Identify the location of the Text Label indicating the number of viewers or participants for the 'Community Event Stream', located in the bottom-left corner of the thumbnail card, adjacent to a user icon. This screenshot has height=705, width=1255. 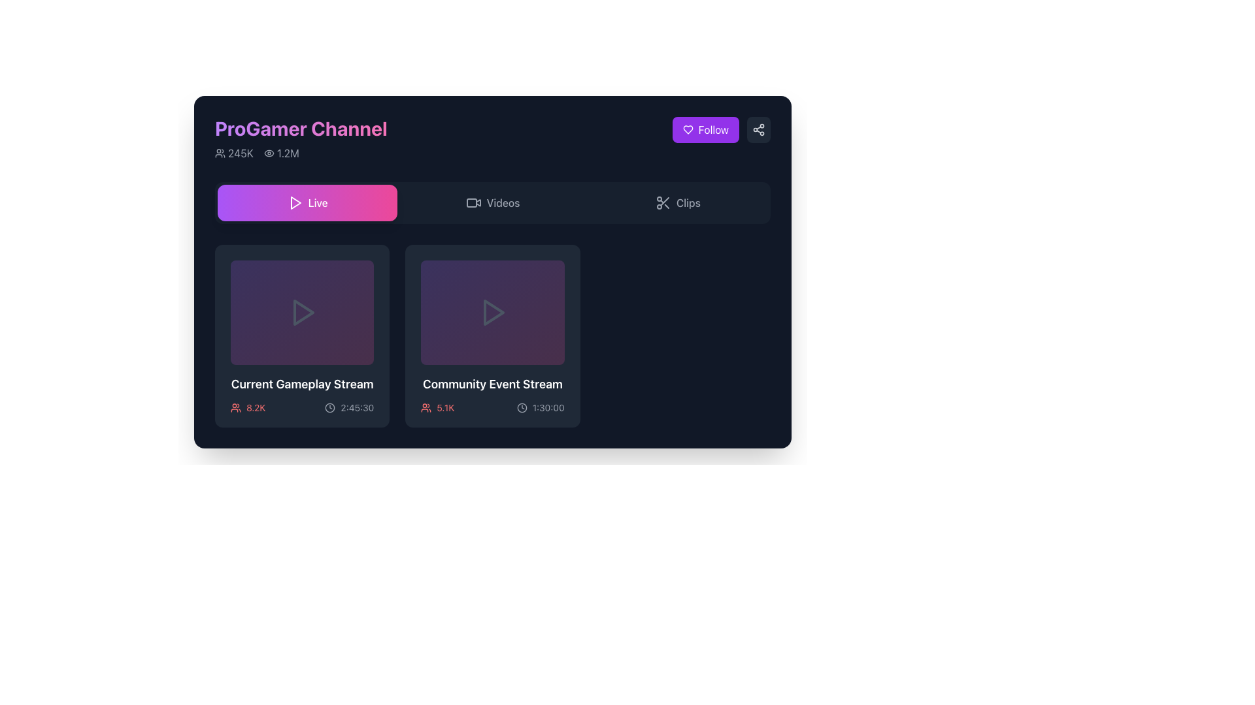
(445, 407).